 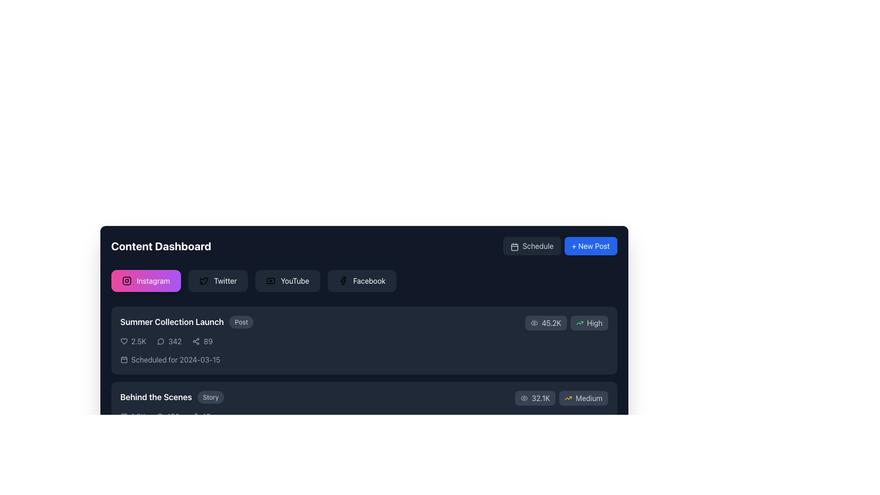 What do you see at coordinates (363, 406) in the screenshot?
I see `the 'Medium' importance level within the Summary card row of the Content Dashboard to adjust its importance level` at bounding box center [363, 406].